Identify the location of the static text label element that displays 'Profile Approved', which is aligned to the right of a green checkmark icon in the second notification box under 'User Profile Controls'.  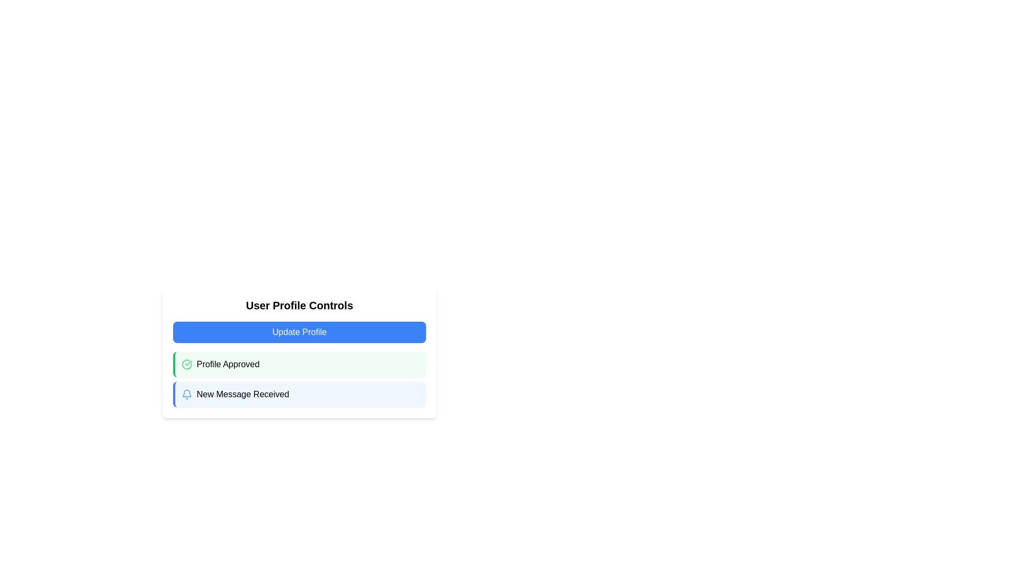
(225, 363).